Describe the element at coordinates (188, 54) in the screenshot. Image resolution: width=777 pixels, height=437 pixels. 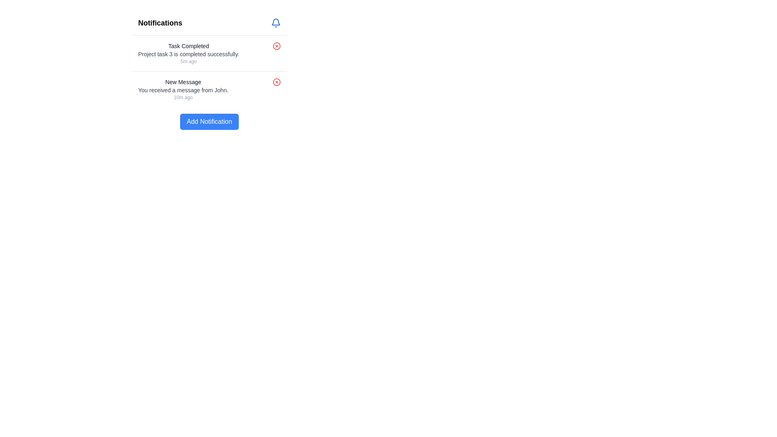
I see `the Text element that provides additional details regarding the completed task, which is positioned directly below the 'Task Completed' notification` at that location.